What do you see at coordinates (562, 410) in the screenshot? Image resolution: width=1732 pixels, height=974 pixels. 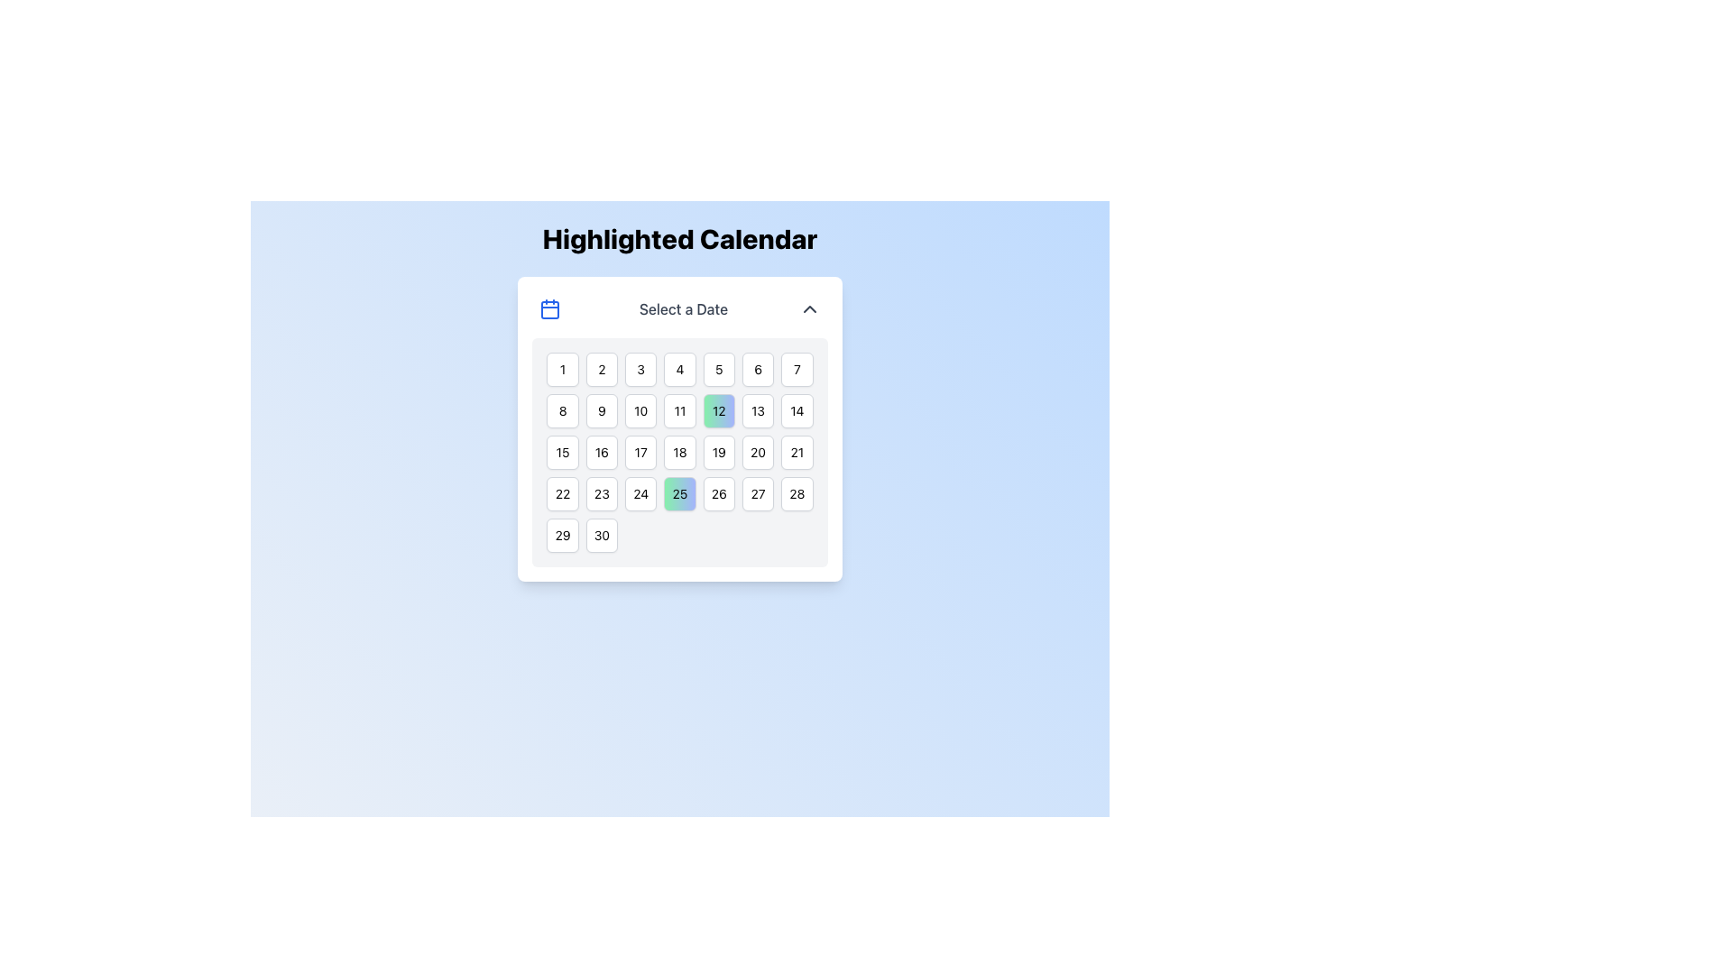 I see `the rounded rectangular button displaying the number '8'` at bounding box center [562, 410].